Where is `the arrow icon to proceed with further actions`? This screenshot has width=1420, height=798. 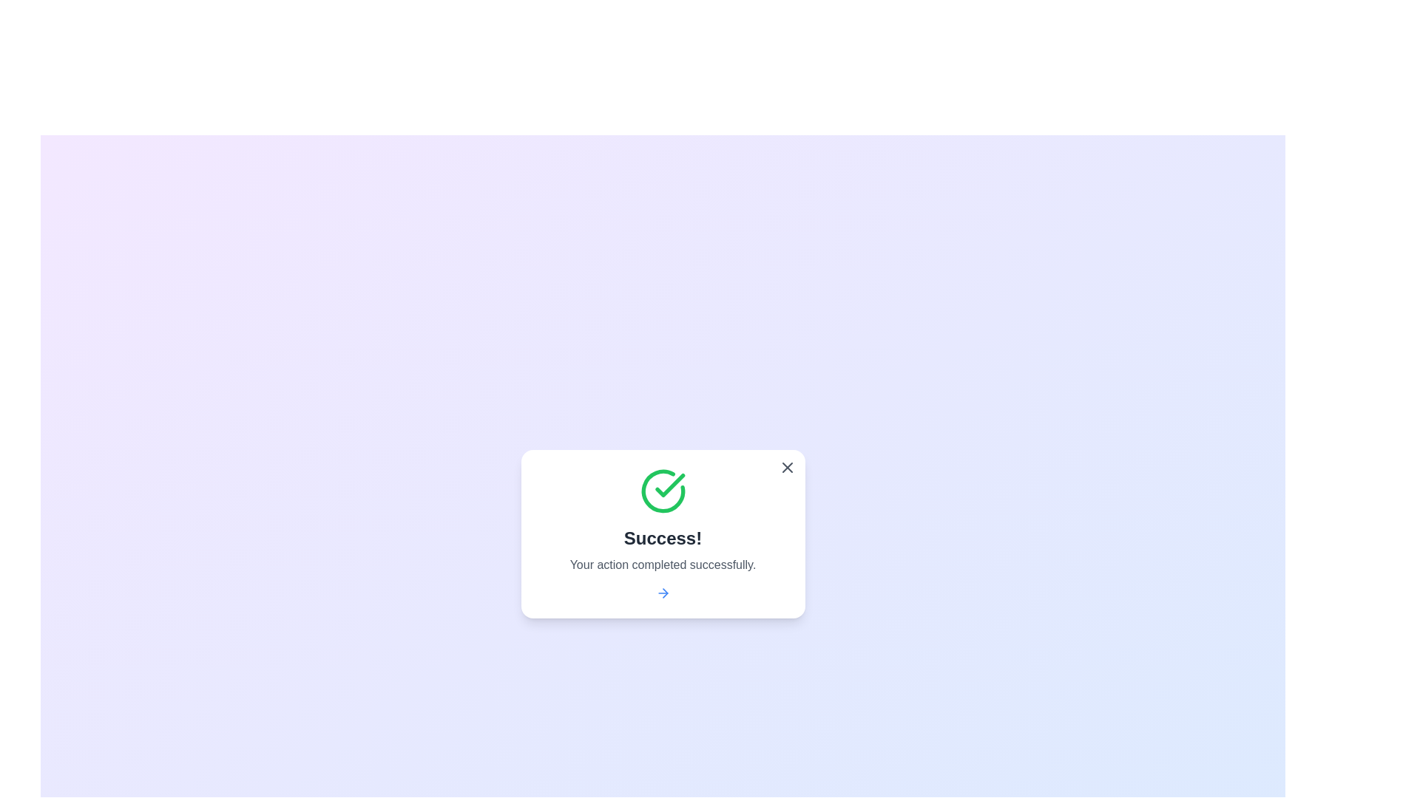 the arrow icon to proceed with further actions is located at coordinates (662, 592).